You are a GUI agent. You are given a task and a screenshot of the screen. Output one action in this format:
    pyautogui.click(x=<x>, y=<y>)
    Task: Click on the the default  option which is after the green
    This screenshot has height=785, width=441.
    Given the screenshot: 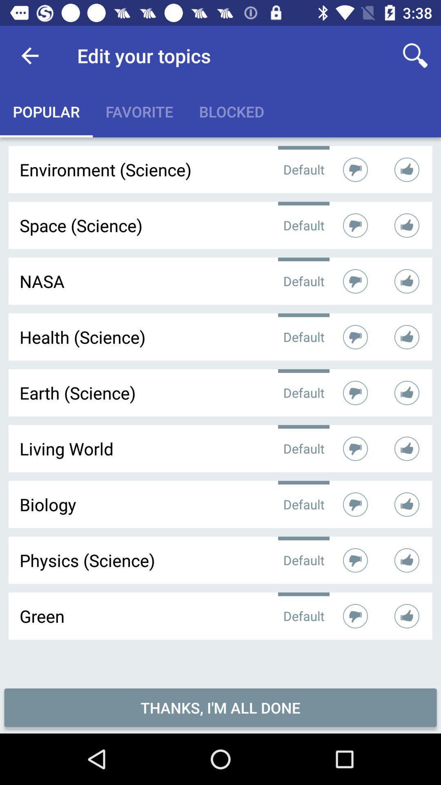 What is the action you would take?
    pyautogui.click(x=304, y=616)
    